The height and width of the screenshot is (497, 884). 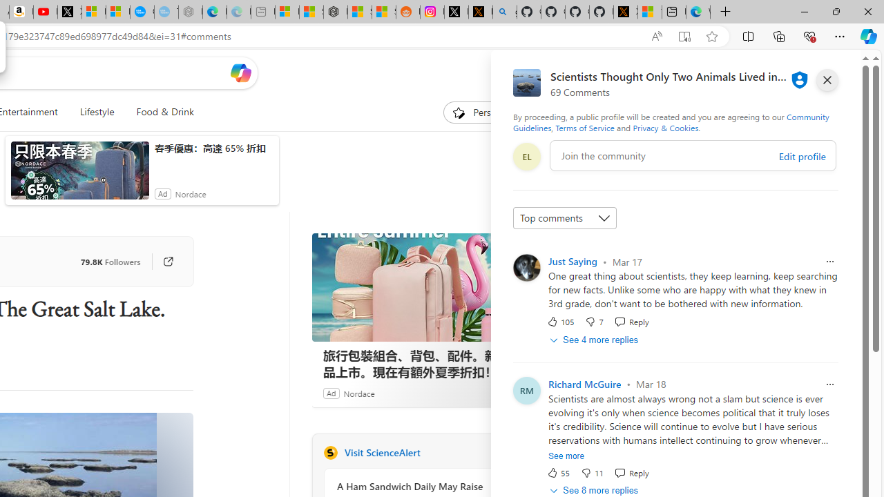 What do you see at coordinates (591, 471) in the screenshot?
I see `'Dislike'` at bounding box center [591, 471].